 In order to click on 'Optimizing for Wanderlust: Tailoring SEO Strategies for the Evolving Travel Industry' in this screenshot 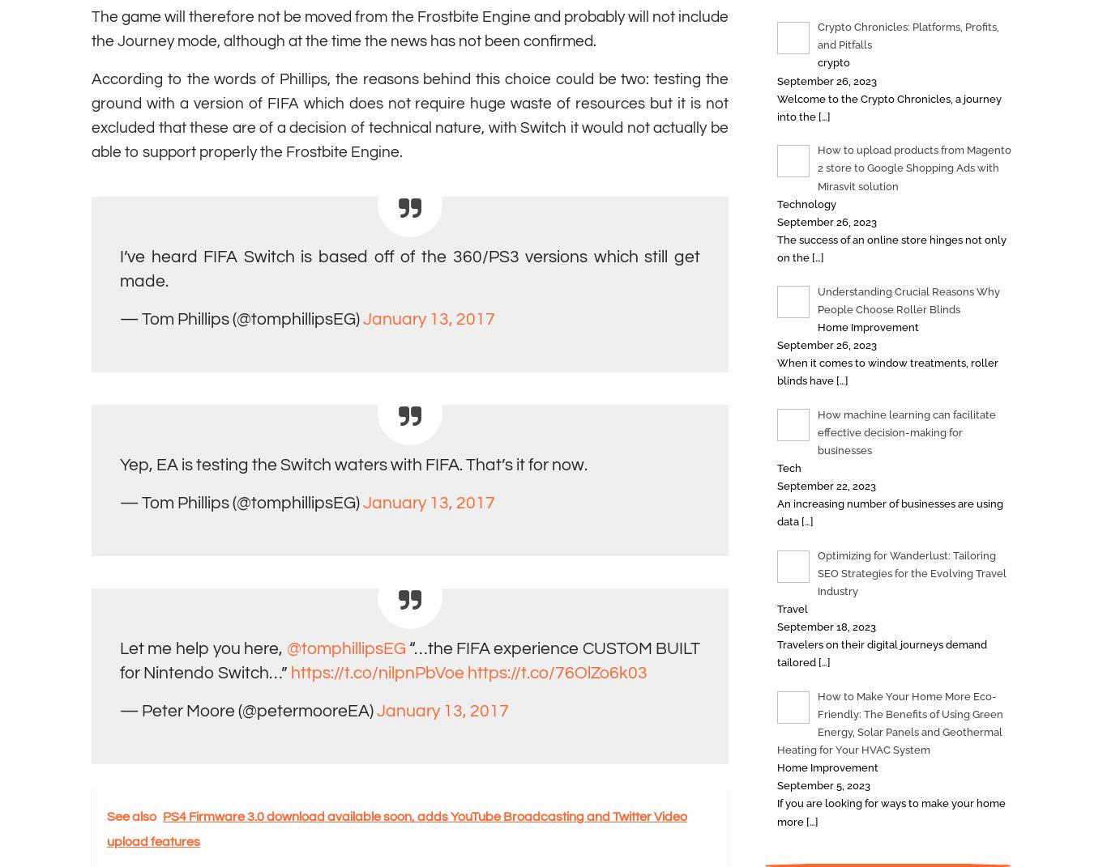, I will do `click(910, 572)`.